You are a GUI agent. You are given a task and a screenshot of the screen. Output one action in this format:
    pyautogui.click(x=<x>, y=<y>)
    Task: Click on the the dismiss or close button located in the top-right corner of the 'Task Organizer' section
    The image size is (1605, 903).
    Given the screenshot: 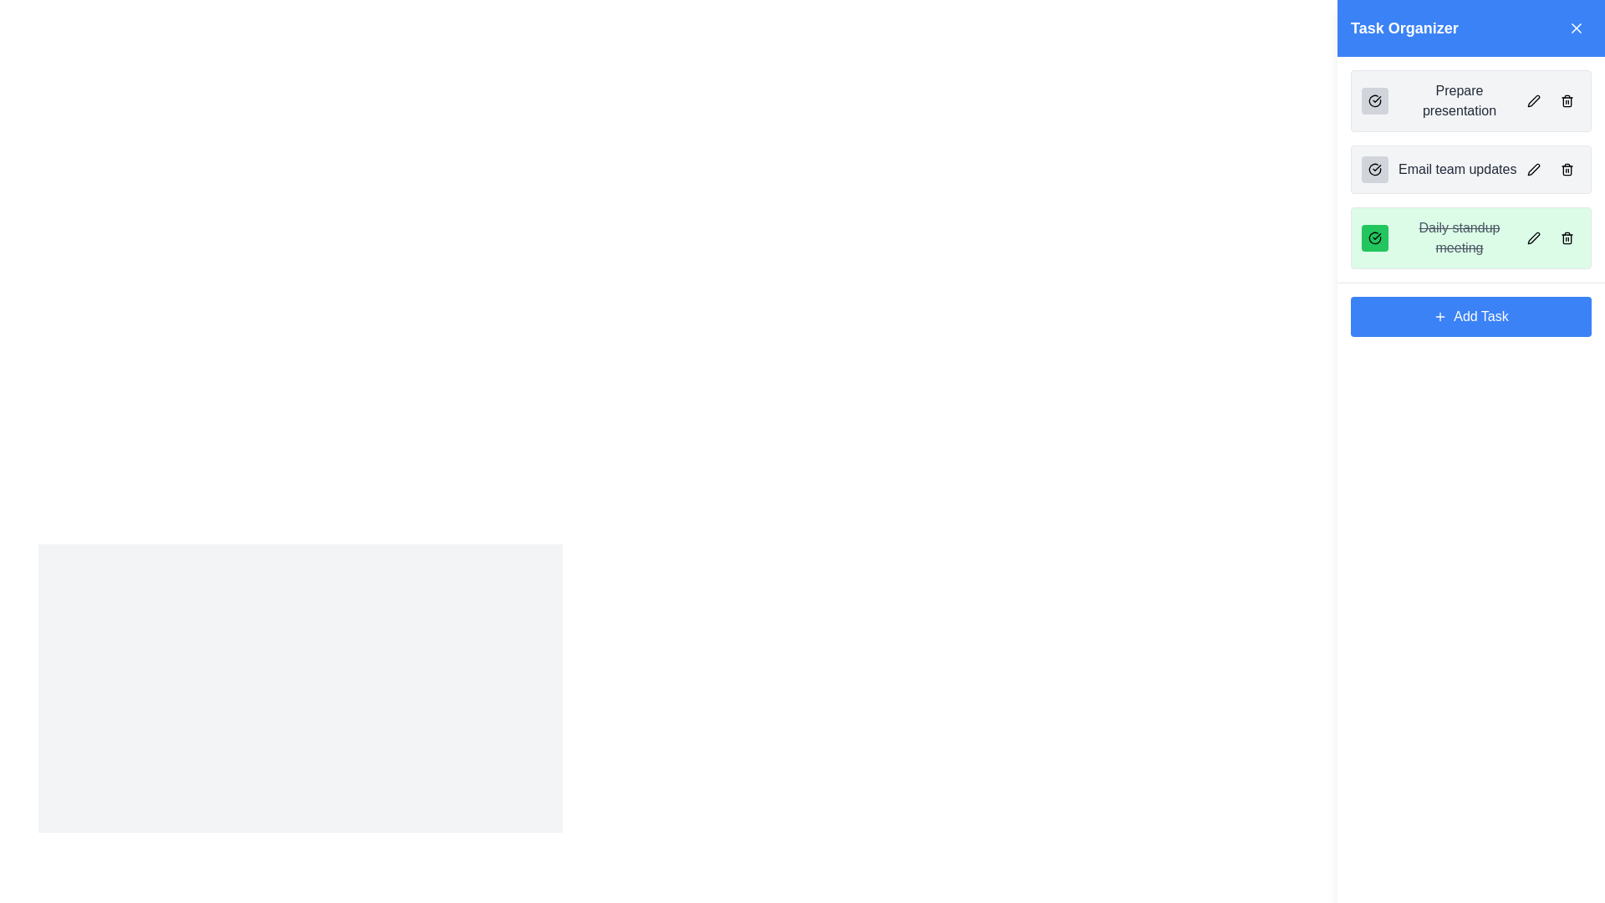 What is the action you would take?
    pyautogui.click(x=1576, y=28)
    